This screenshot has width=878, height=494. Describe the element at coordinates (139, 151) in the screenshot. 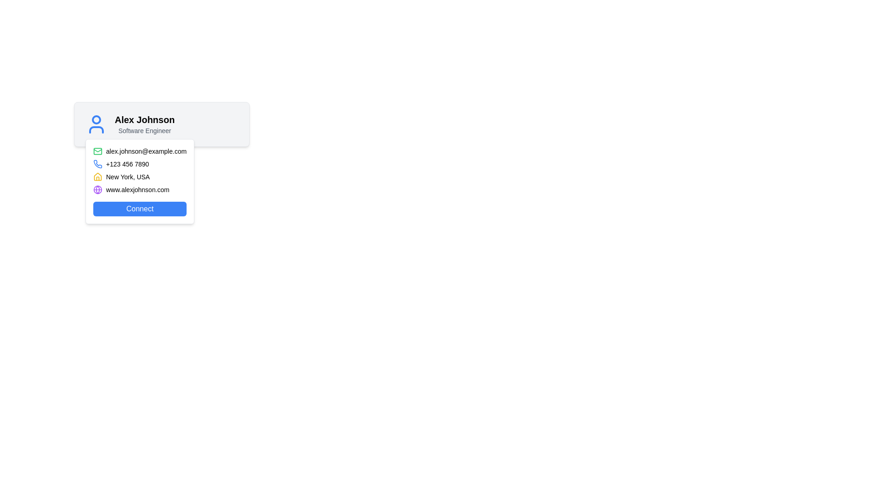

I see `the static text displaying the email address 'alex.johnson@example.com'` at that location.